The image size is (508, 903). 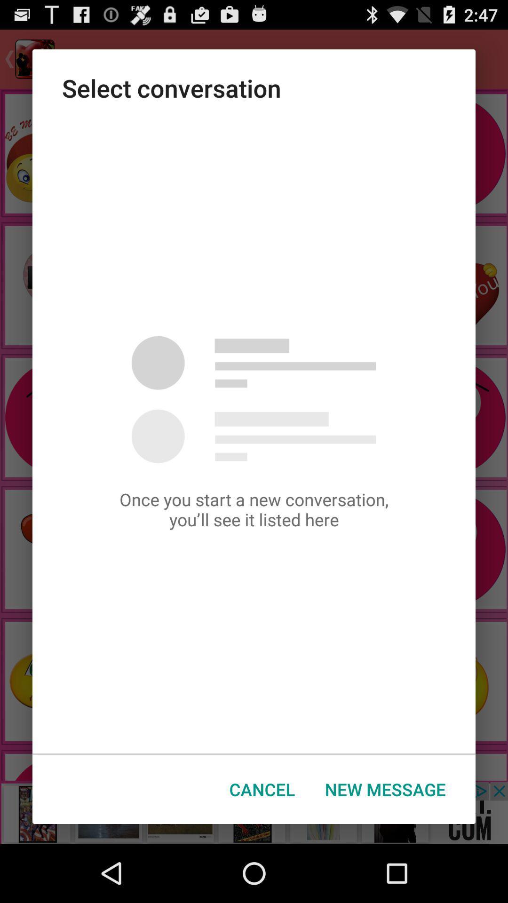 What do you see at coordinates (385, 789) in the screenshot?
I see `the new message item` at bounding box center [385, 789].